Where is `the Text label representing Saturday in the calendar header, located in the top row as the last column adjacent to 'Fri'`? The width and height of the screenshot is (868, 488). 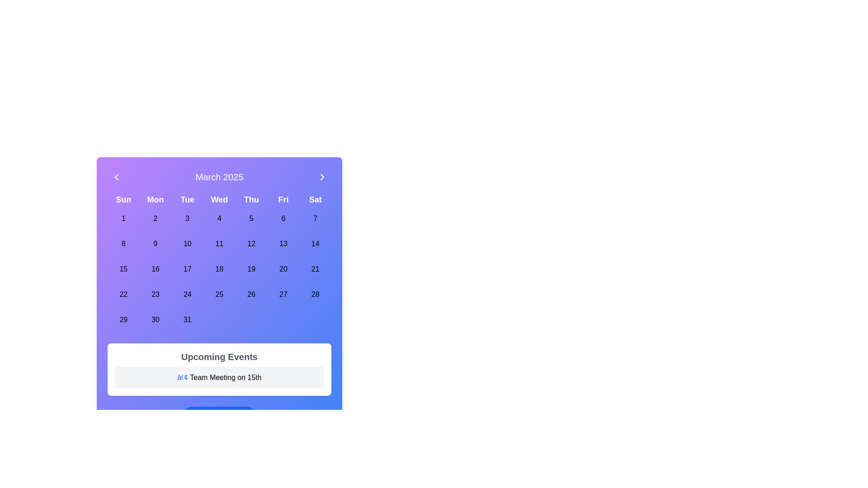 the Text label representing Saturday in the calendar header, located in the top row as the last column adjacent to 'Fri' is located at coordinates (315, 199).